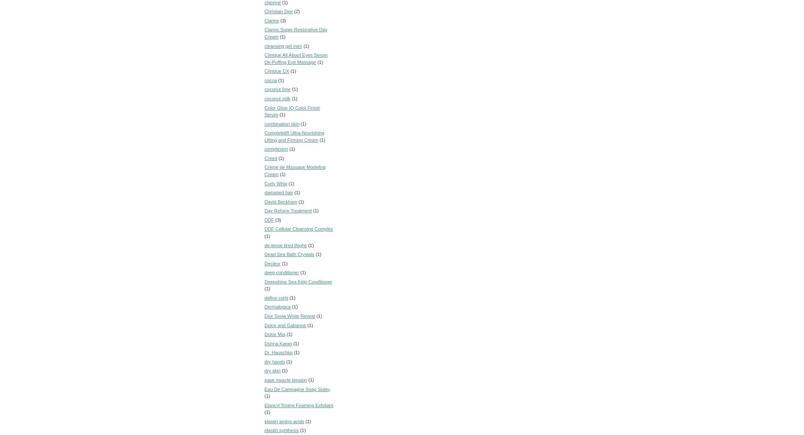 This screenshot has height=435, width=804. What do you see at coordinates (286, 379) in the screenshot?
I see `'ease muscle tension'` at bounding box center [286, 379].